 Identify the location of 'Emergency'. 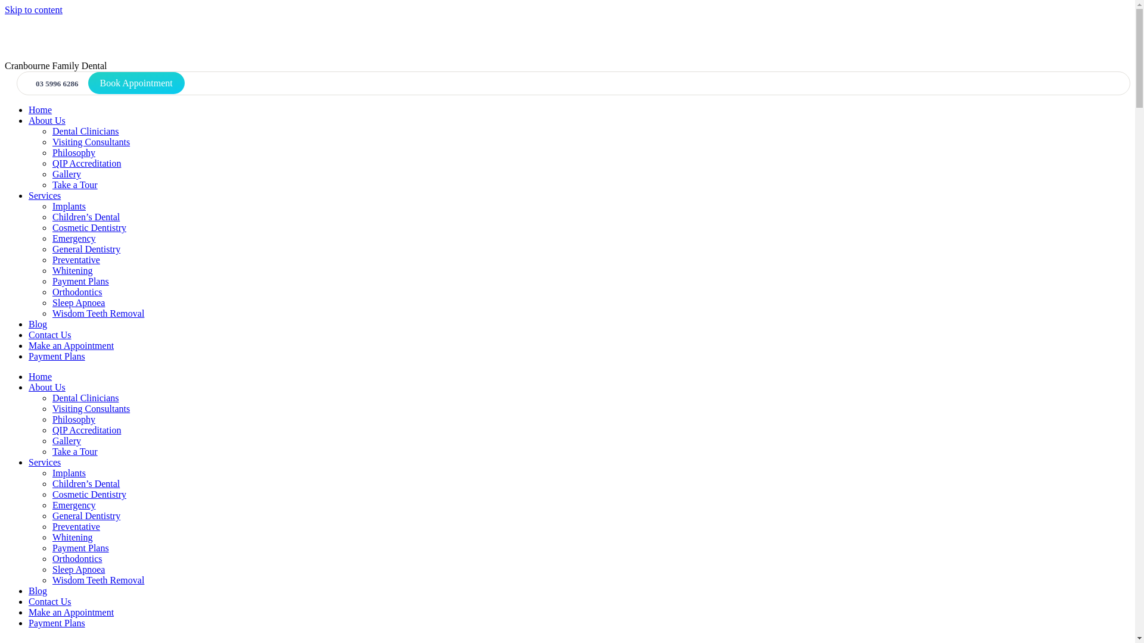
(73, 238).